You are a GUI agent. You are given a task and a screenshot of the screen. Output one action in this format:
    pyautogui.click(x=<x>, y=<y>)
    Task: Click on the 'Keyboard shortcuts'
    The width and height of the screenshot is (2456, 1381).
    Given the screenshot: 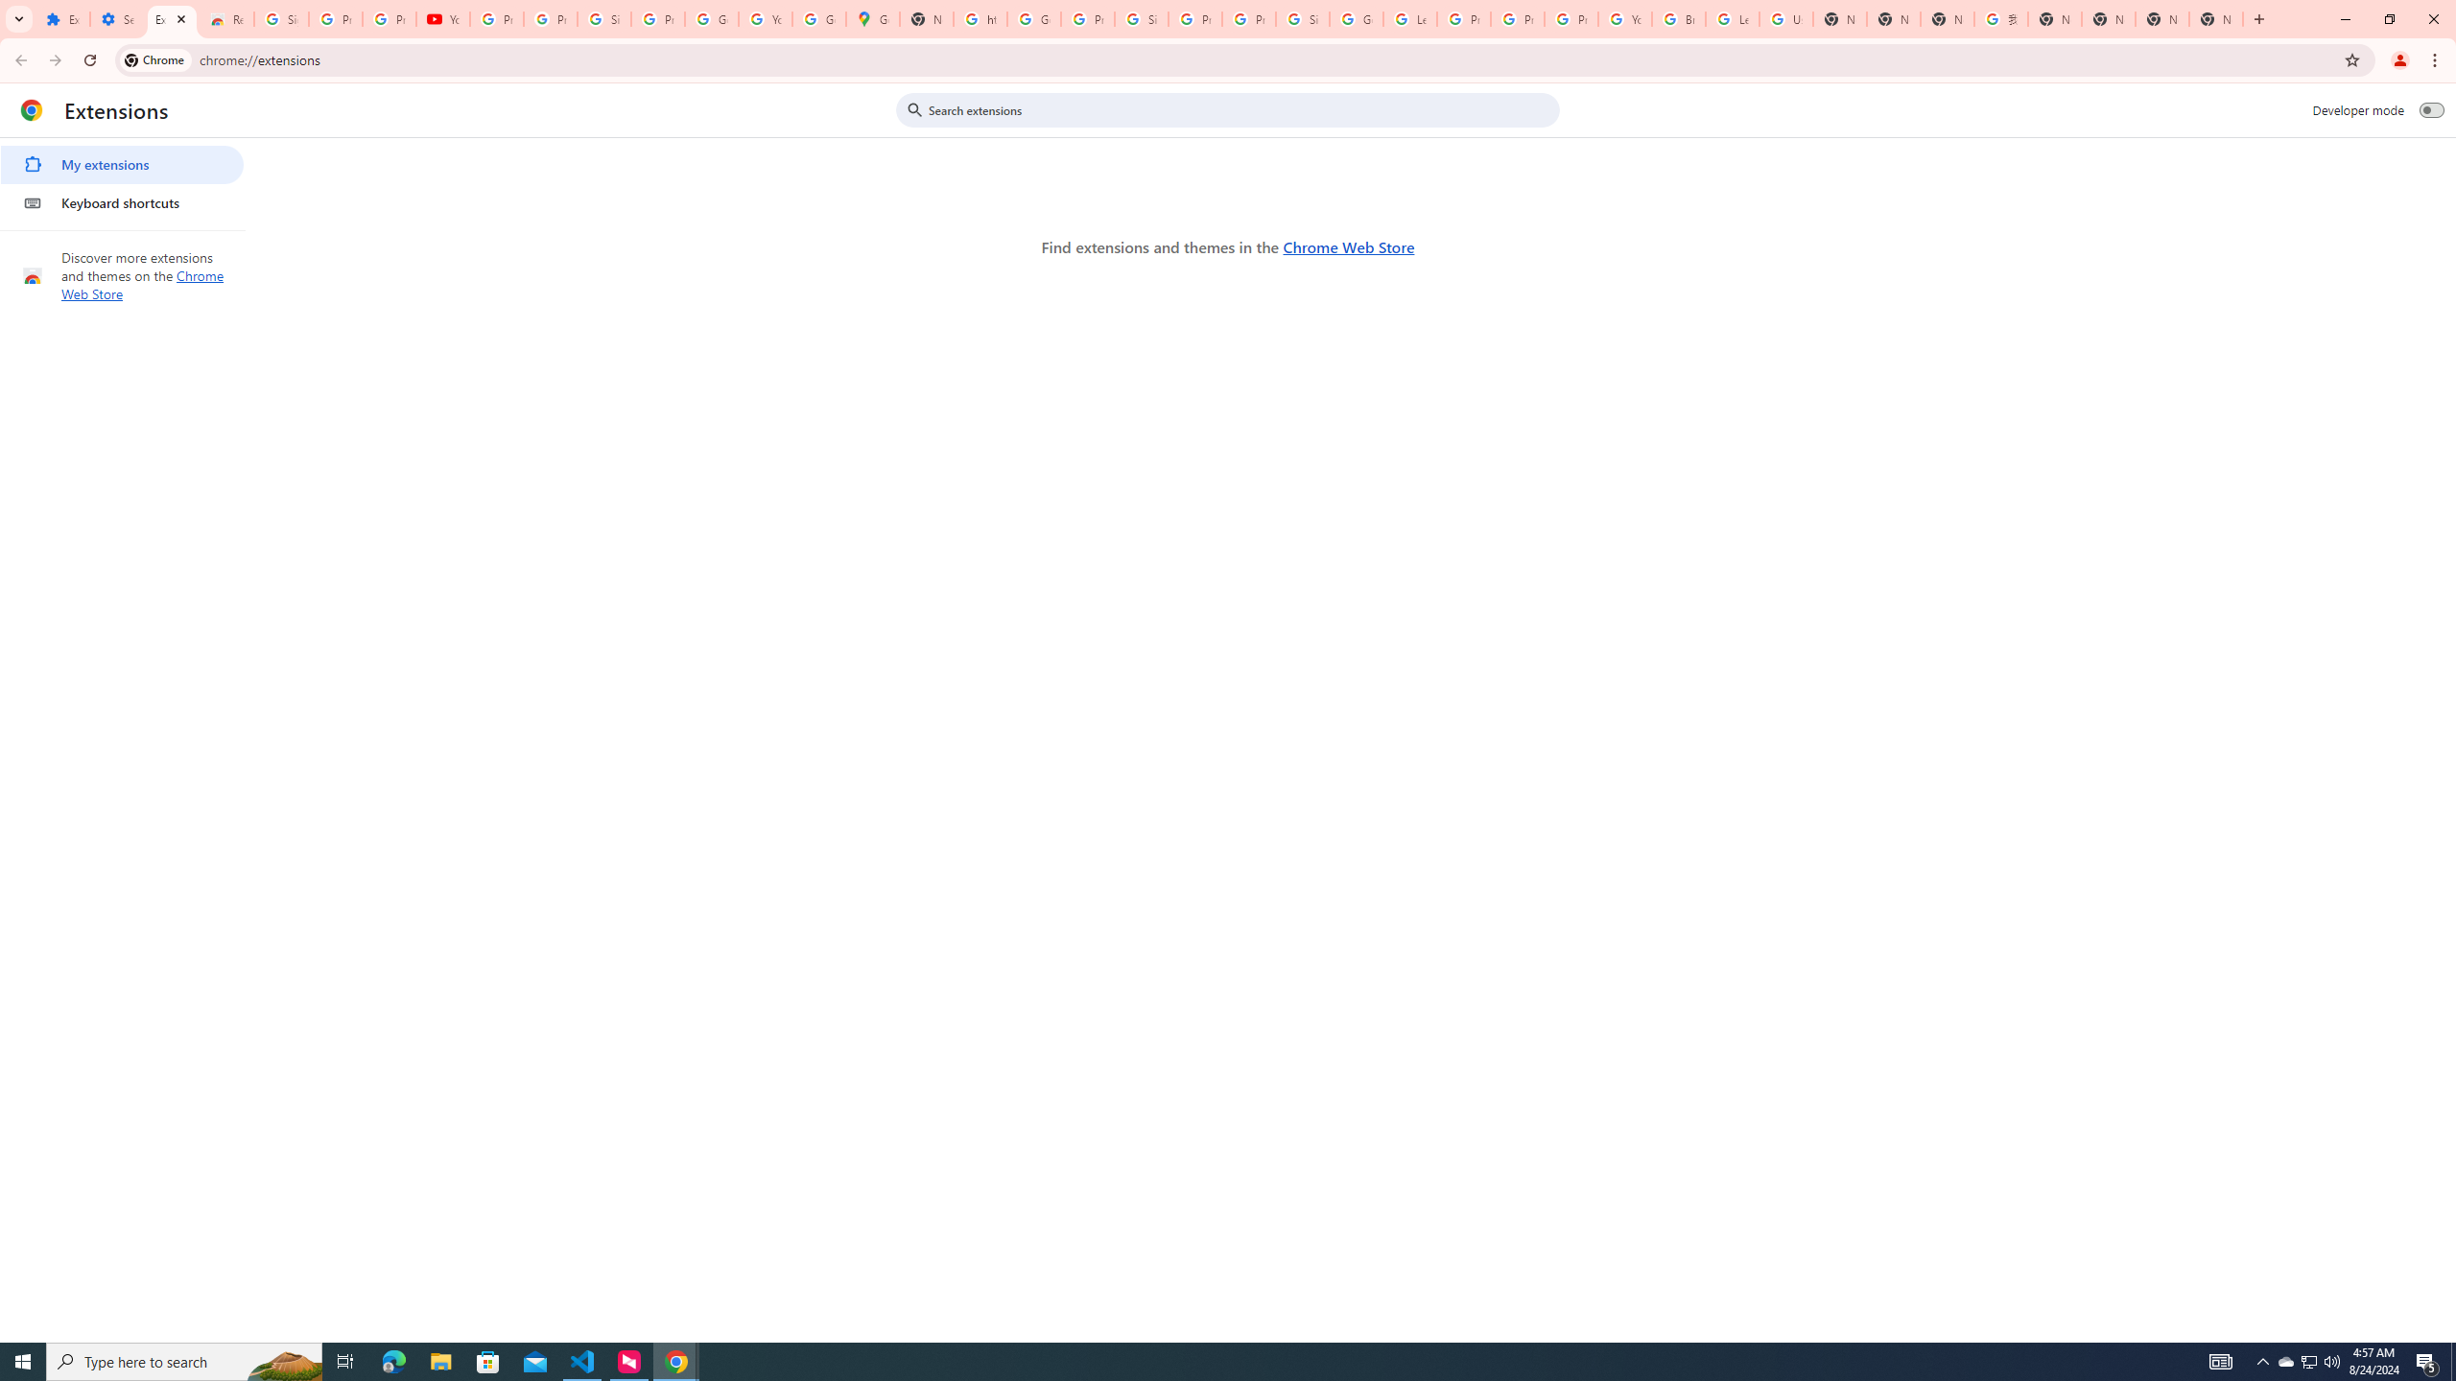 What is the action you would take?
    pyautogui.click(x=121, y=201)
    